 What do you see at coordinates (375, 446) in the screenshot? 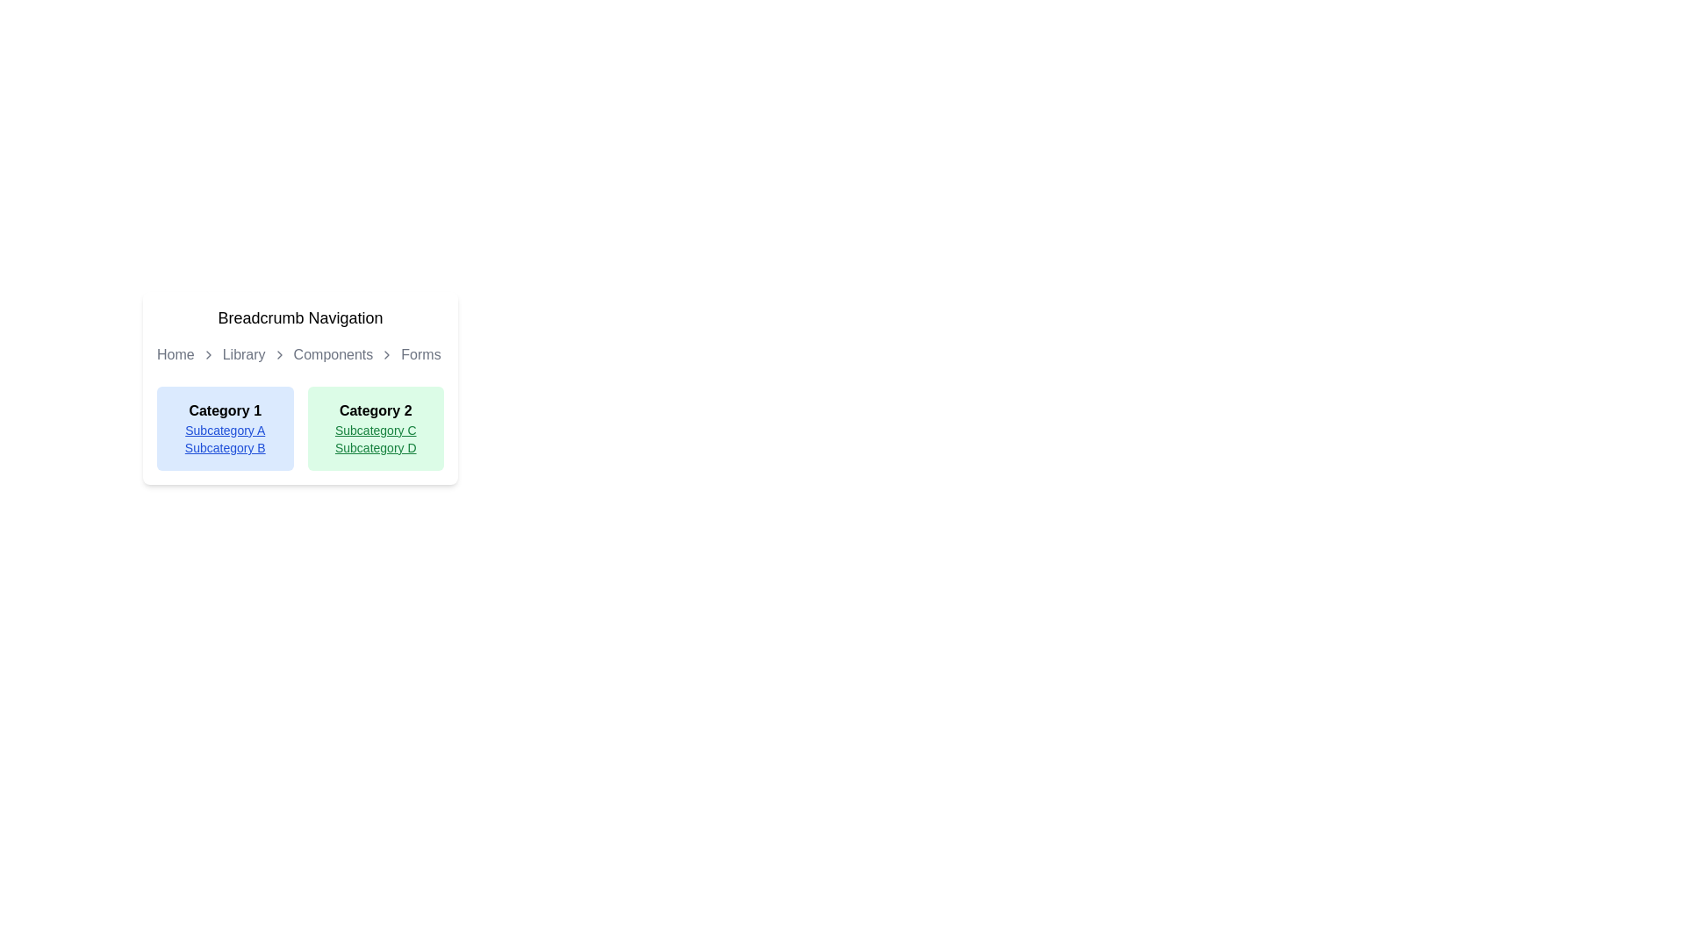
I see `the hyperlink text for 'Subcategory D', located directly below 'Subcategory C' under 'Category 2'` at bounding box center [375, 446].